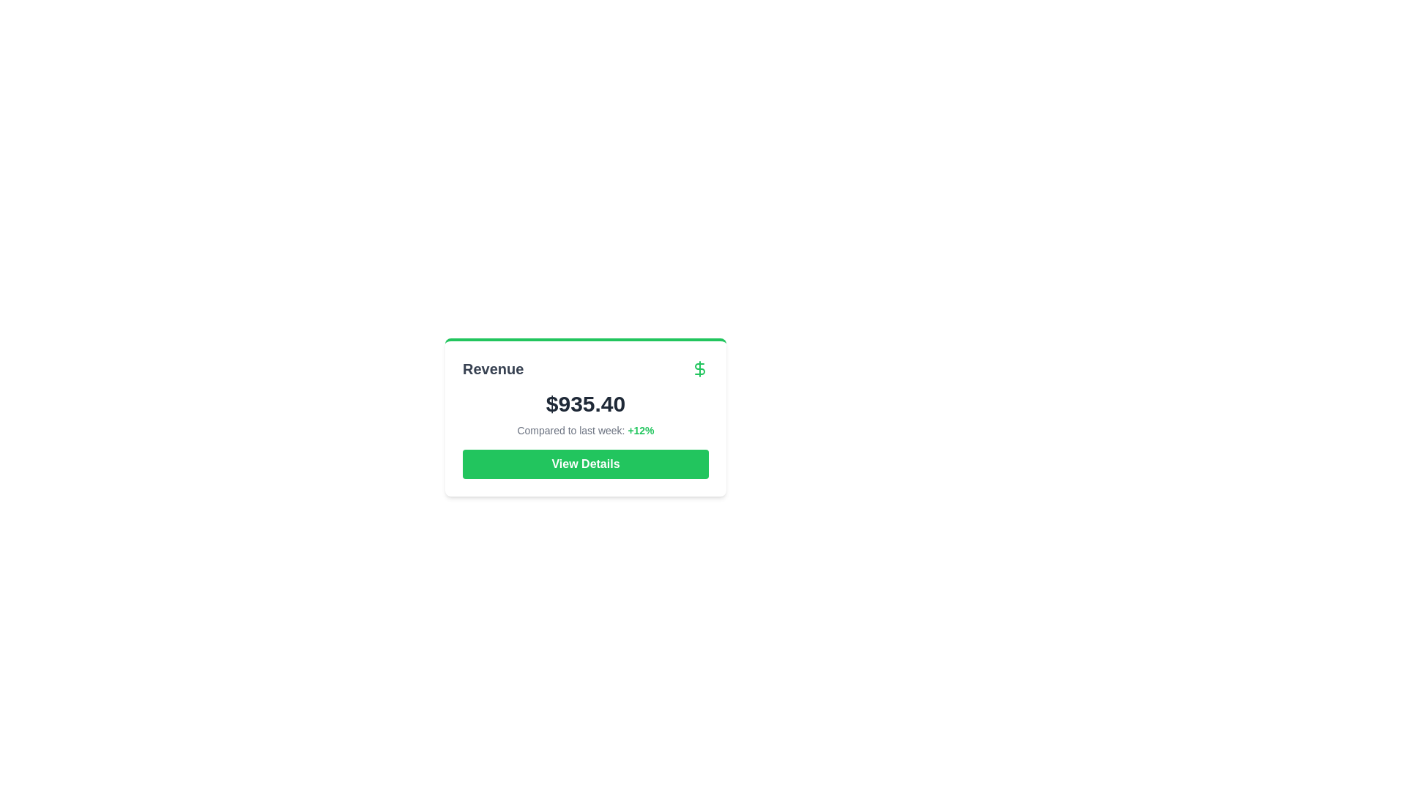 This screenshot has height=791, width=1406. I want to click on text displaying '$935.40' which is prominently located within a card layout, directly beneath the title 'Revenue', so click(586, 404).